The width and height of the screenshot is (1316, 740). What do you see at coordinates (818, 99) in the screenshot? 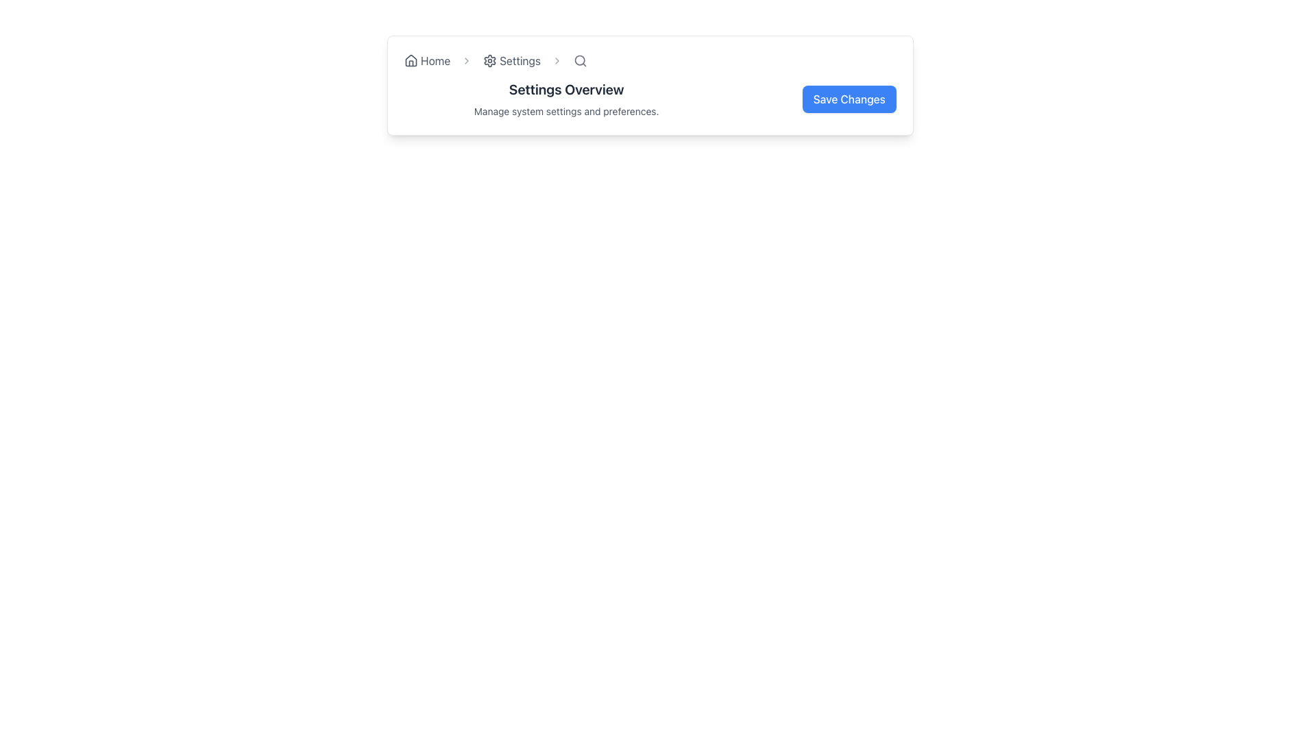
I see `the 'Save Changes' button located at the top right of the settings interface` at bounding box center [818, 99].